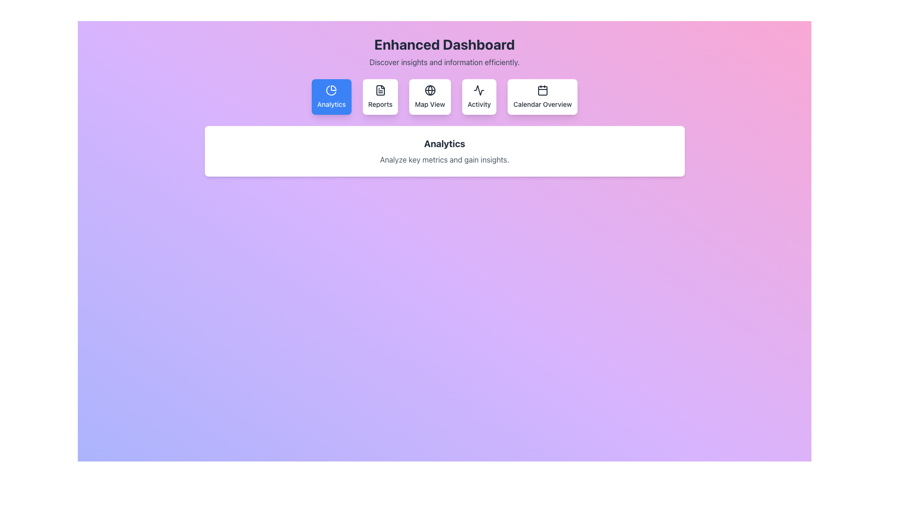 Image resolution: width=900 pixels, height=506 pixels. What do you see at coordinates (444, 45) in the screenshot?
I see `the main title text label 'Enhanced Dashboard' which serves as the header for the dashboard interface` at bounding box center [444, 45].